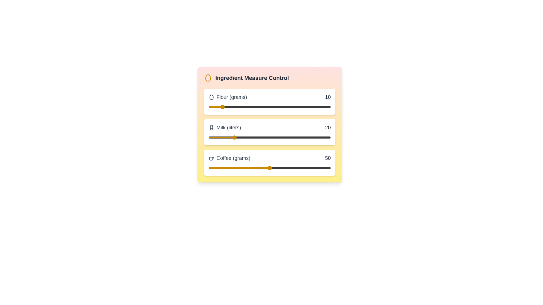 Image resolution: width=543 pixels, height=305 pixels. I want to click on the milk quantity, so click(235, 137).